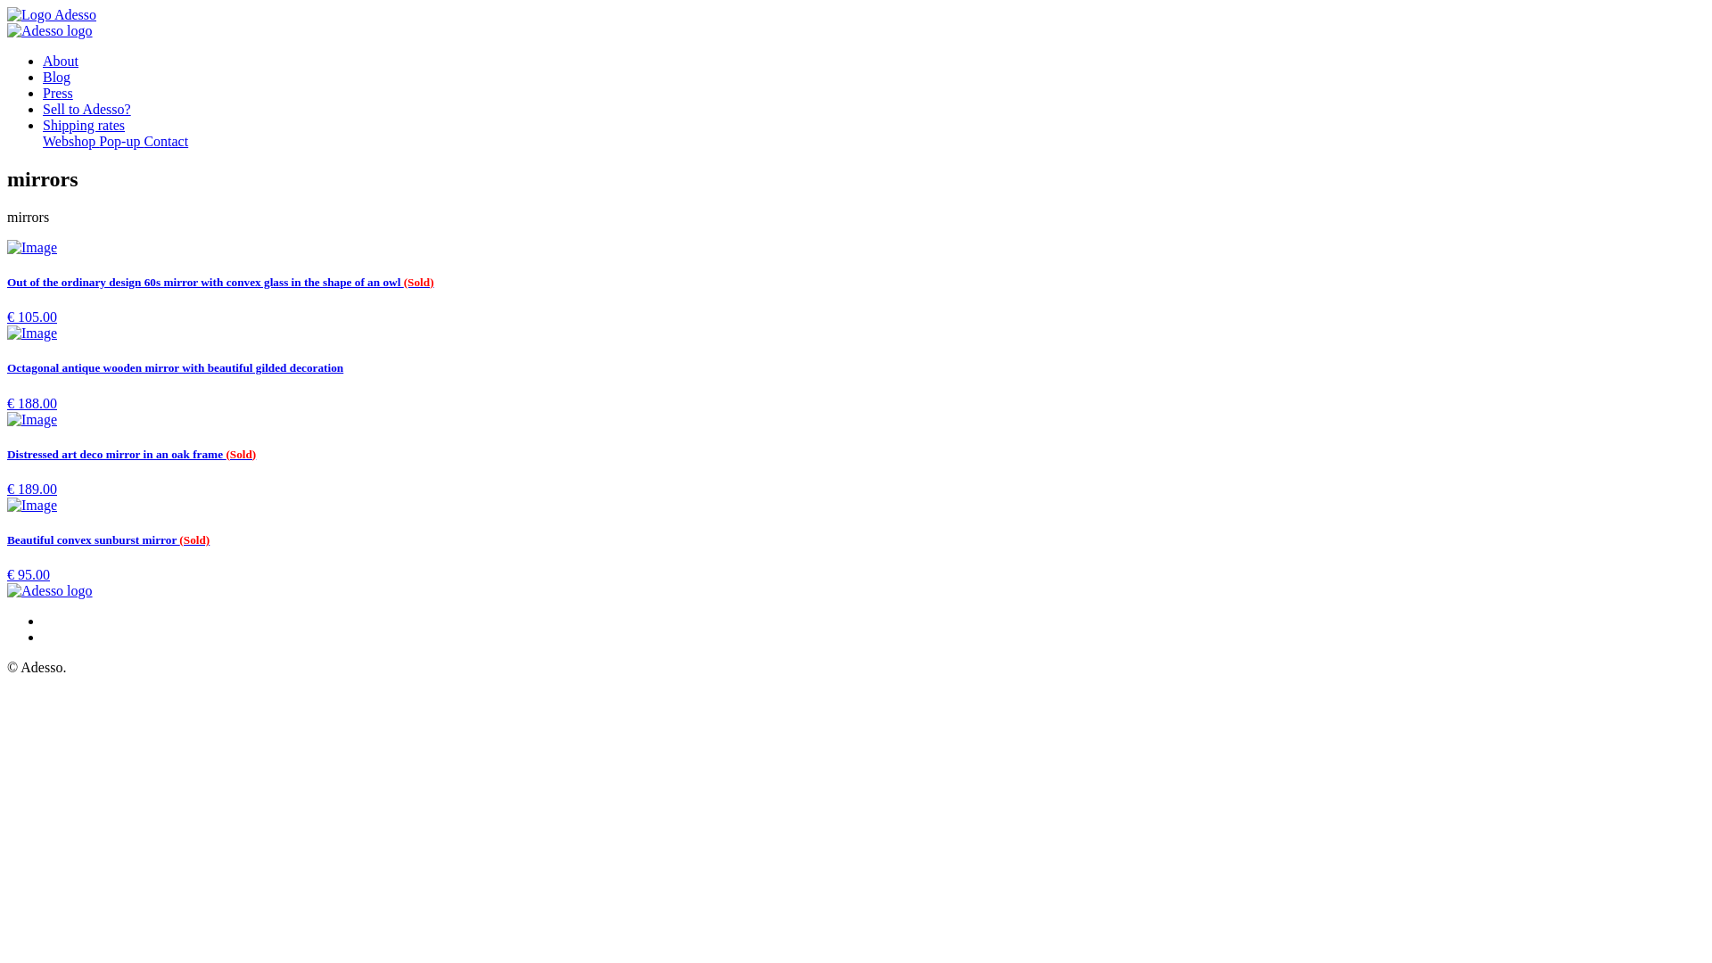  Describe the element at coordinates (119, 140) in the screenshot. I see `'Pop-up'` at that location.